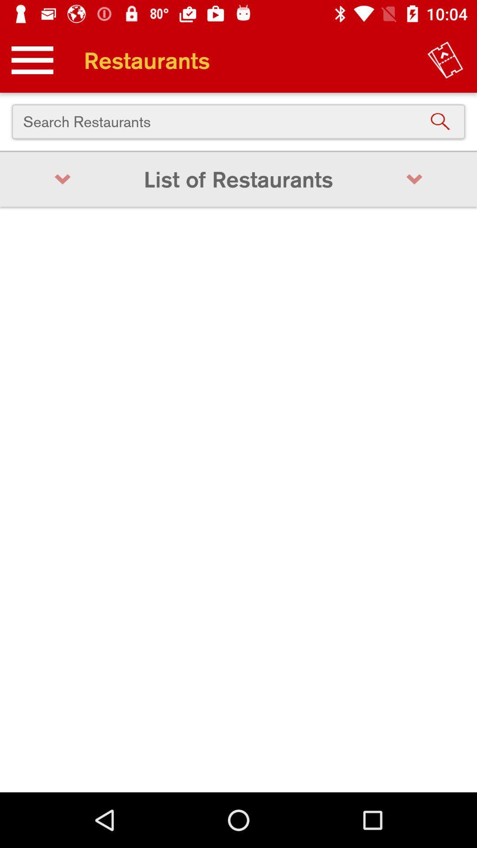 Image resolution: width=477 pixels, height=848 pixels. What do you see at coordinates (445, 60) in the screenshot?
I see `item to the right of restaurants item` at bounding box center [445, 60].